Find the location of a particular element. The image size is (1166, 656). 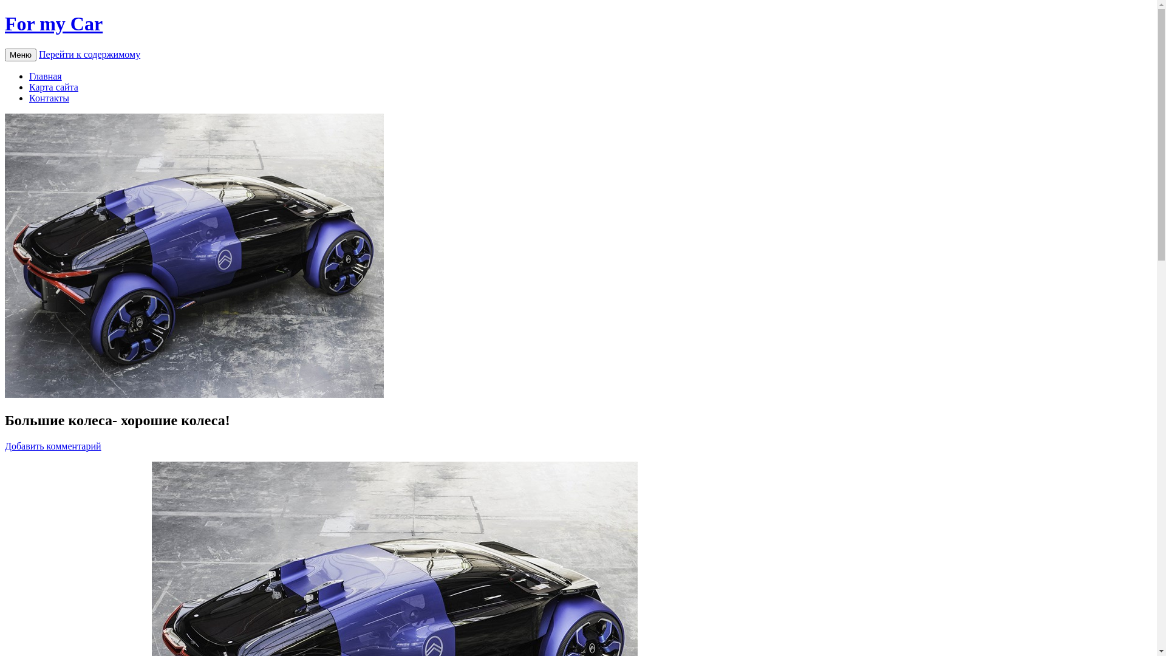

'For my Car' is located at coordinates (53, 23).